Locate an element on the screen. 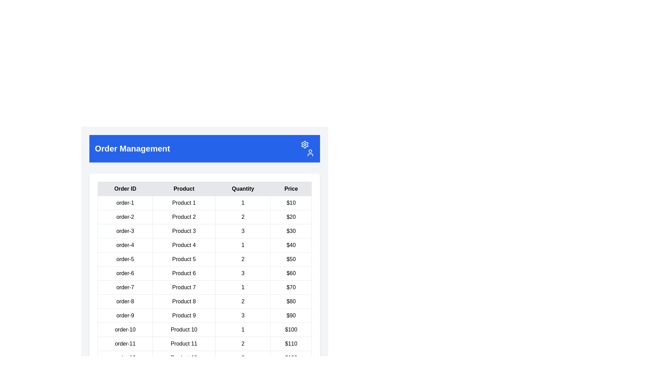 The width and height of the screenshot is (660, 371). price information from the Table cell located in the 'Price' column of the table for 'Product 6' in the 6th row is located at coordinates (291, 273).